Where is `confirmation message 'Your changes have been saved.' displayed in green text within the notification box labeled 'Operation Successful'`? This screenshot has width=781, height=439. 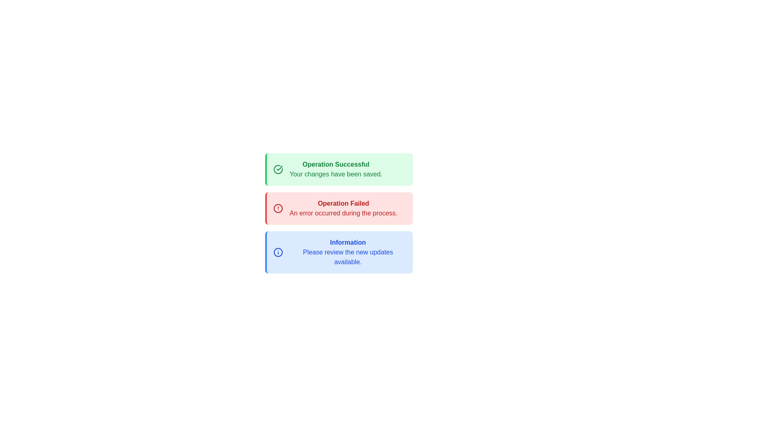 confirmation message 'Your changes have been saved.' displayed in green text within the notification box labeled 'Operation Successful' is located at coordinates (336, 174).